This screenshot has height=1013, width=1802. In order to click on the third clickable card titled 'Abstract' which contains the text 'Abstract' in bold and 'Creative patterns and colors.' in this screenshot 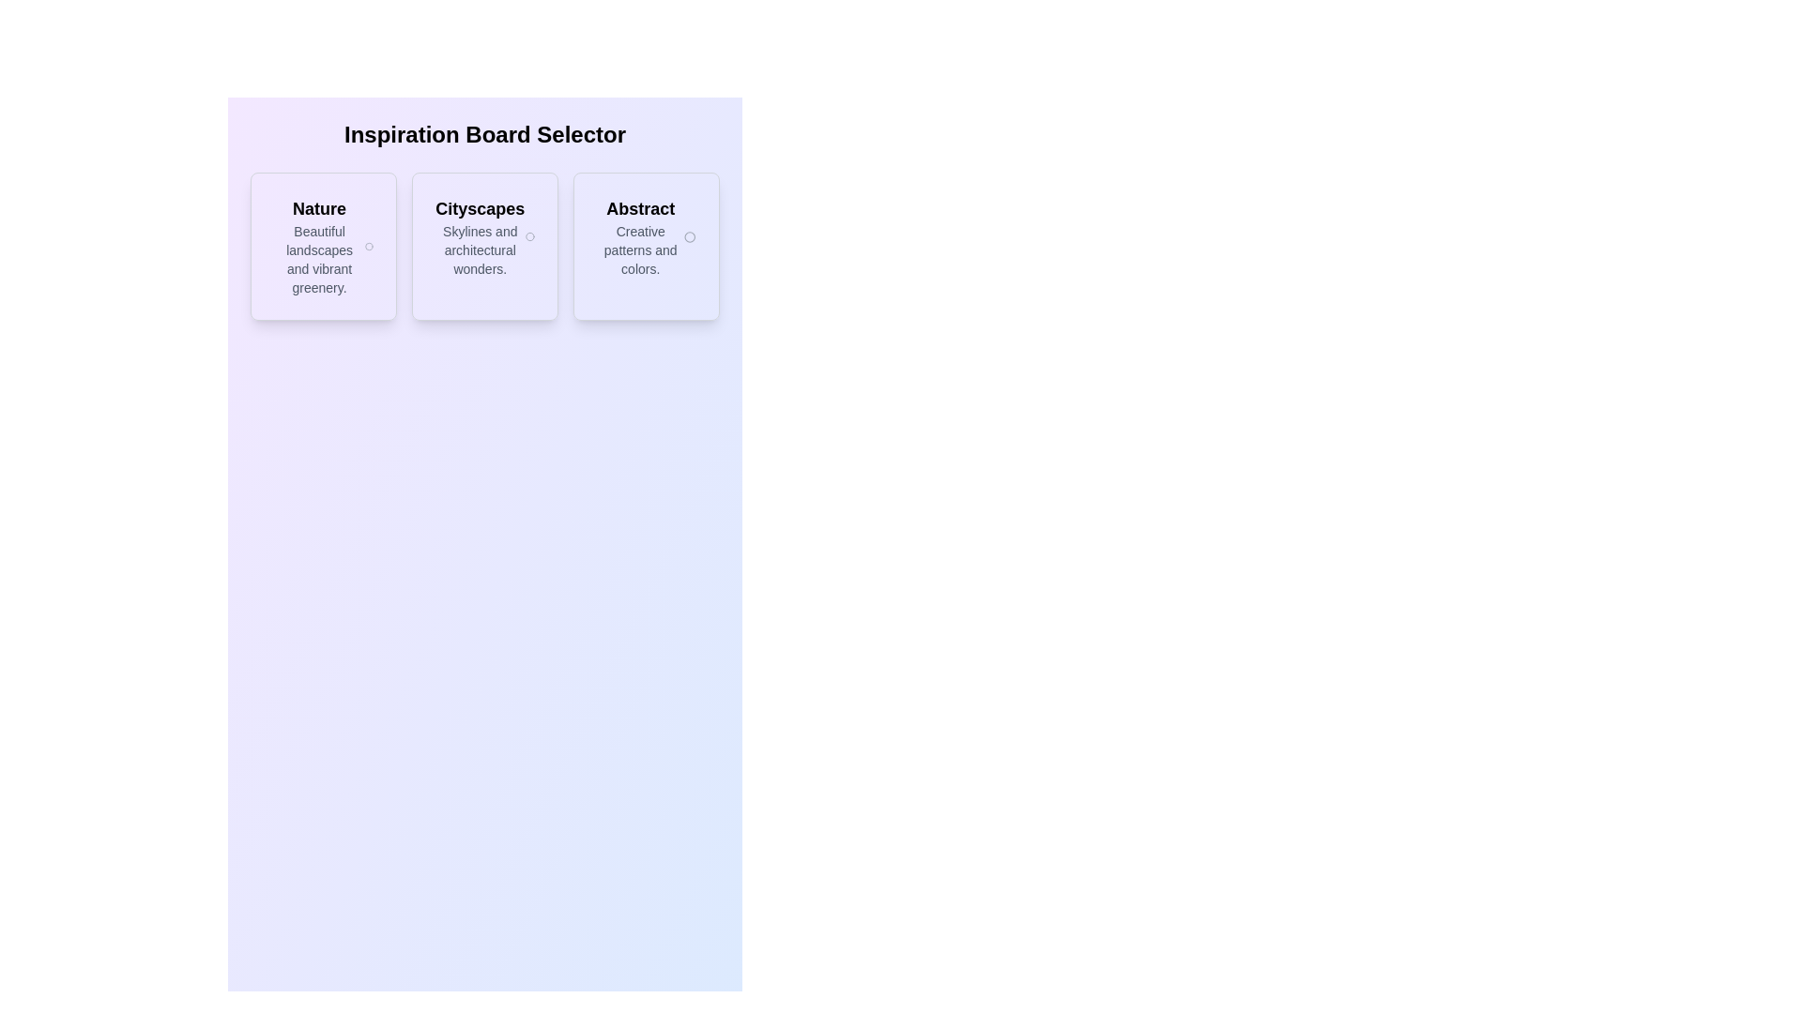, I will do `click(640, 236)`.